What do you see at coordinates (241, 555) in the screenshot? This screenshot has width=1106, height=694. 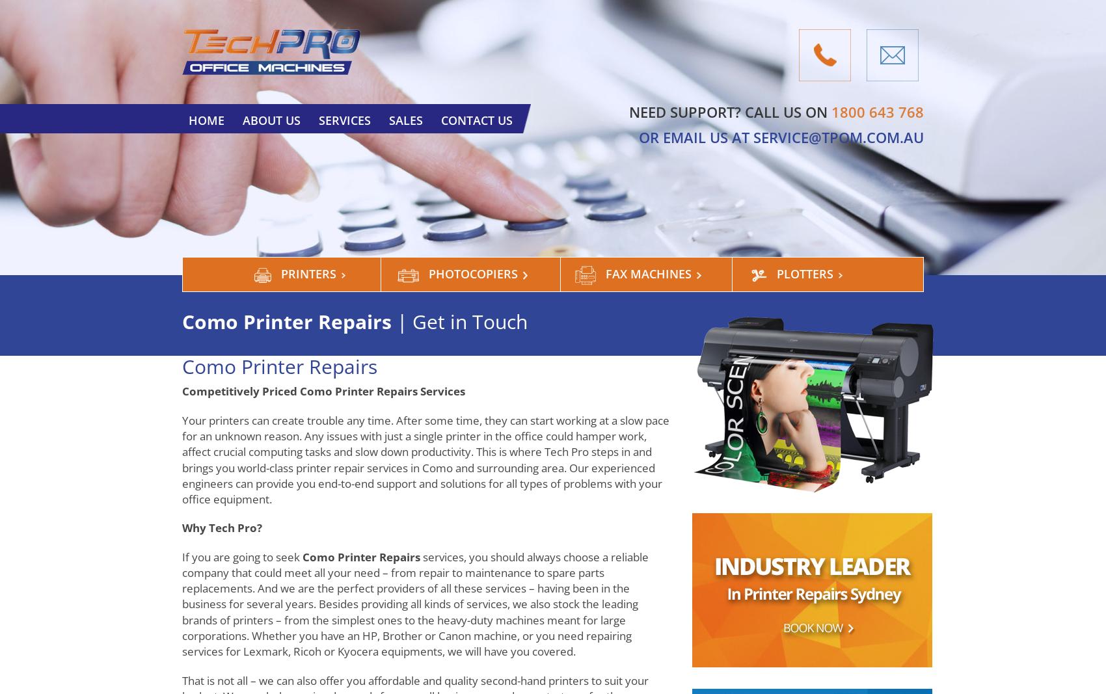 I see `'If you are going to seek'` at bounding box center [241, 555].